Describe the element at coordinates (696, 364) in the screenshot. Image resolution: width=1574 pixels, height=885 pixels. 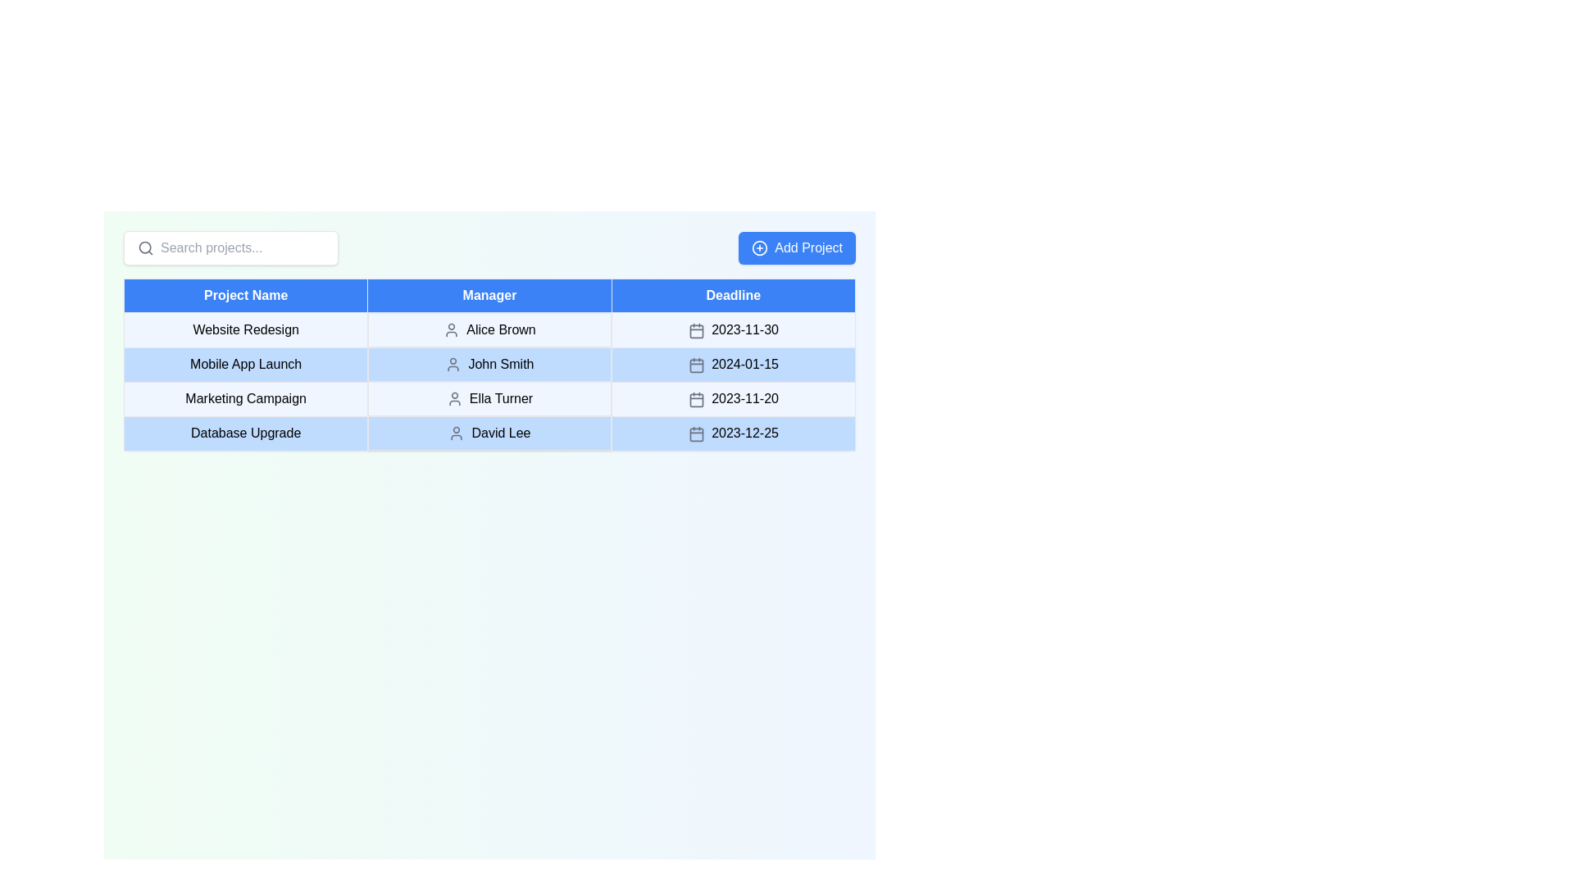
I see `the calendar icon located inline to the left of the date text '2024-01-15' in the third row under the 'Deadline' column` at that location.